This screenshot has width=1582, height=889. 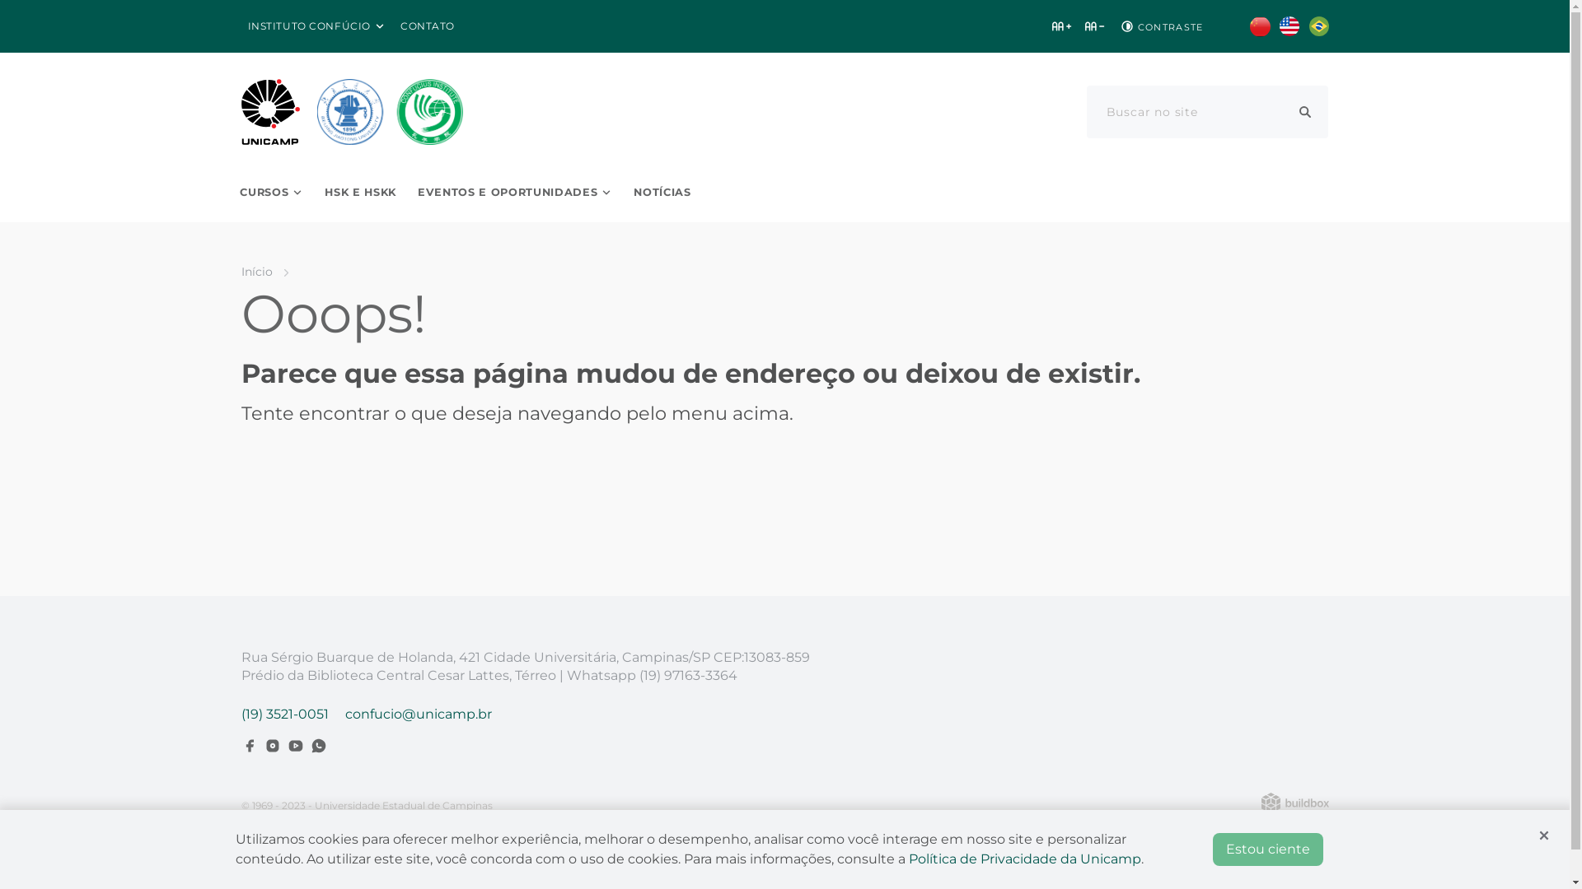 What do you see at coordinates (1061, 26) in the screenshot?
I see `'Aumentar fonte'` at bounding box center [1061, 26].